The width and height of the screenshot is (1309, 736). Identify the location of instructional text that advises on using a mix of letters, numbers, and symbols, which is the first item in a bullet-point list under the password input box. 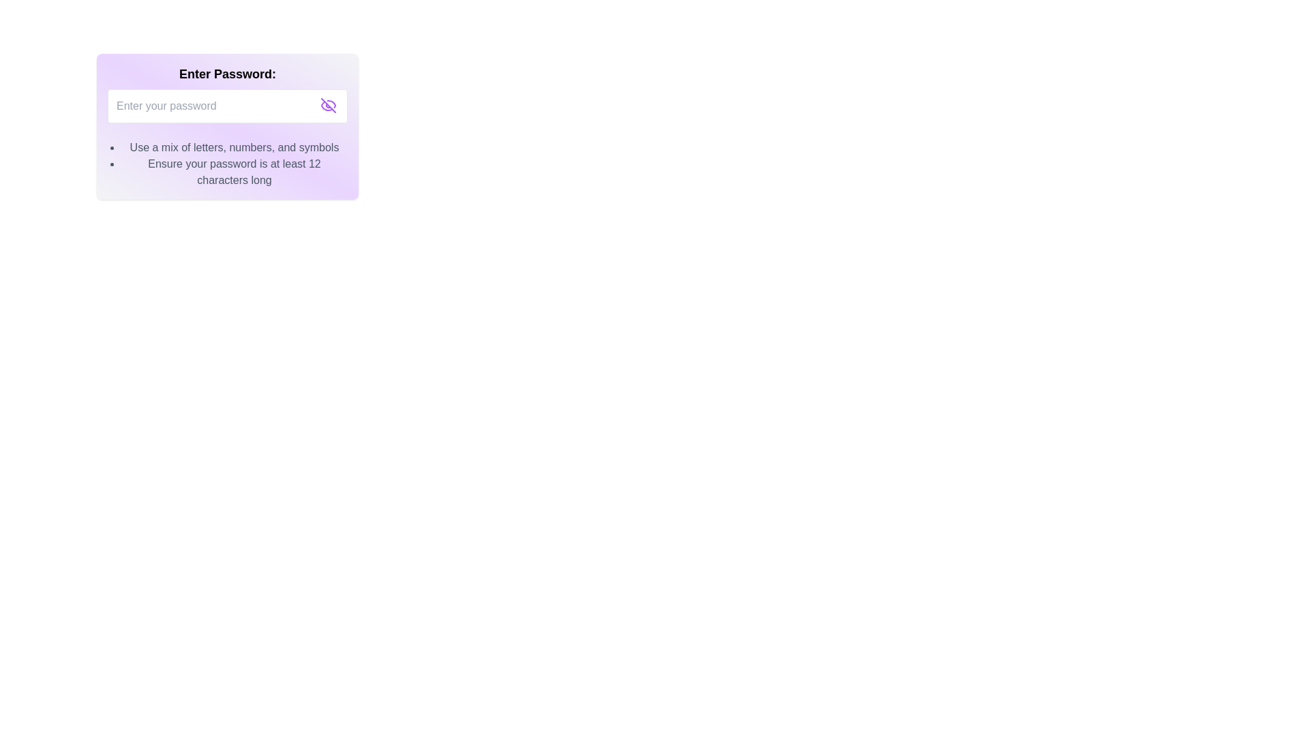
(235, 147).